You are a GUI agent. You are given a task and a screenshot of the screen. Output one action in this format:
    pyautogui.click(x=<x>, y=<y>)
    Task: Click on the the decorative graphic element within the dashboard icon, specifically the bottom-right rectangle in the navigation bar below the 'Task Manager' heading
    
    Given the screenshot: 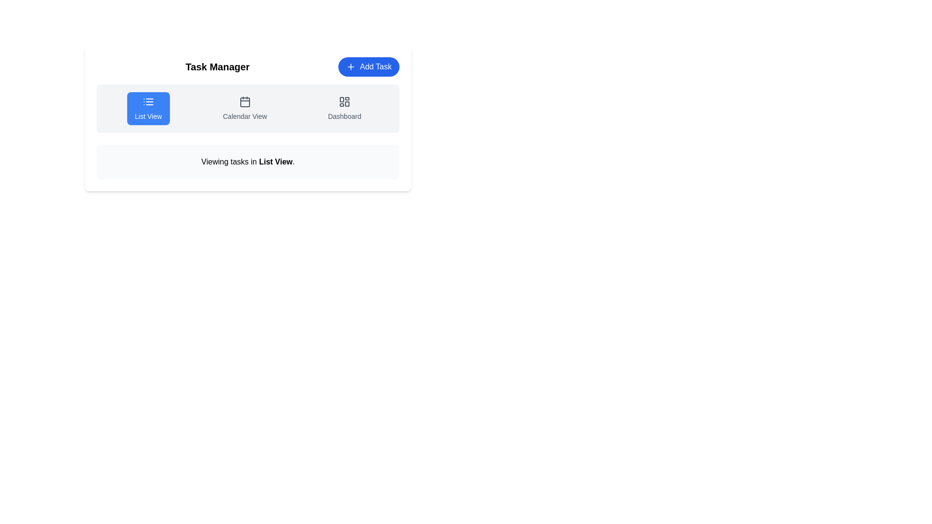 What is the action you would take?
    pyautogui.click(x=347, y=104)
    